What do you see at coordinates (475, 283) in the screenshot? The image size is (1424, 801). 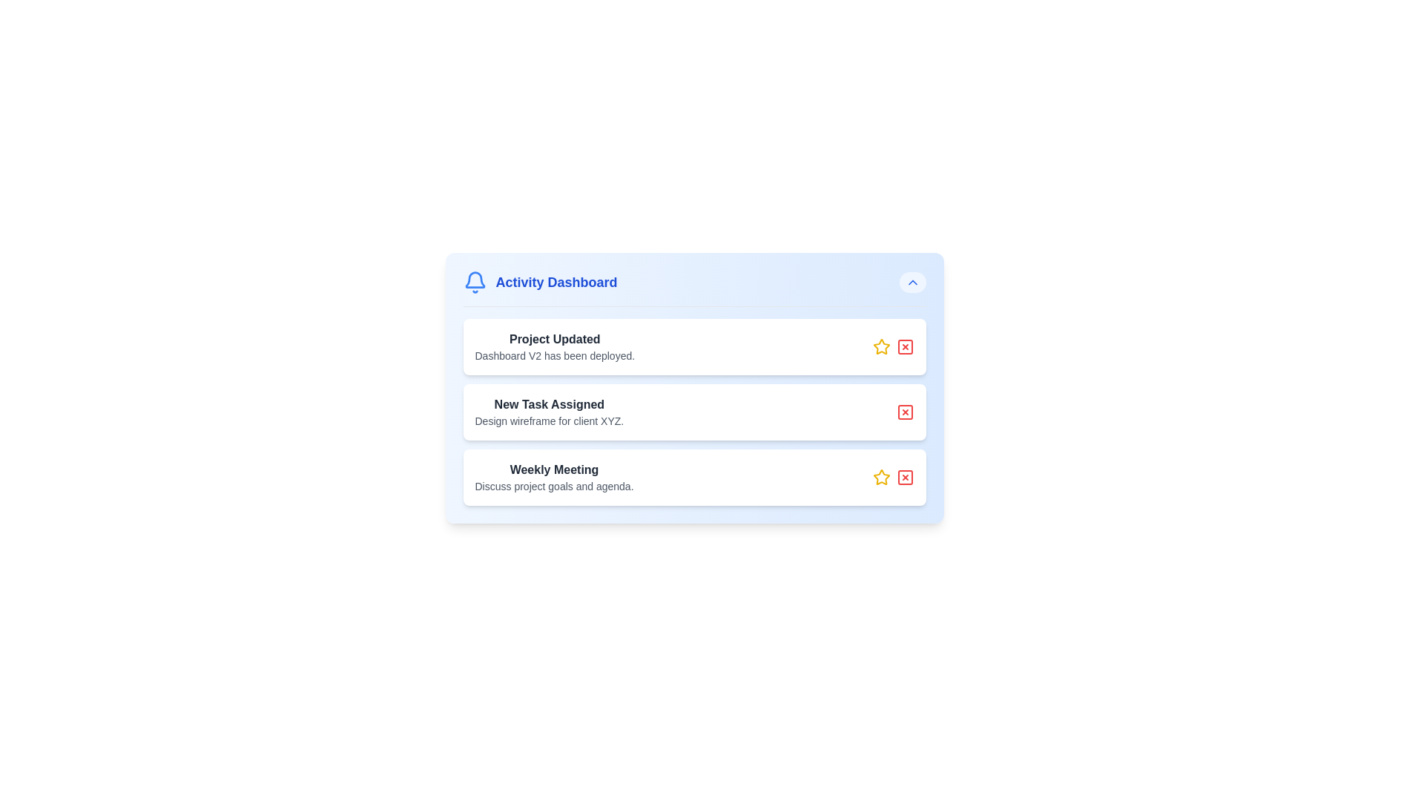 I see `the blue bell icon located at the far left of the header section in the 'Activity Dashboard'` at bounding box center [475, 283].